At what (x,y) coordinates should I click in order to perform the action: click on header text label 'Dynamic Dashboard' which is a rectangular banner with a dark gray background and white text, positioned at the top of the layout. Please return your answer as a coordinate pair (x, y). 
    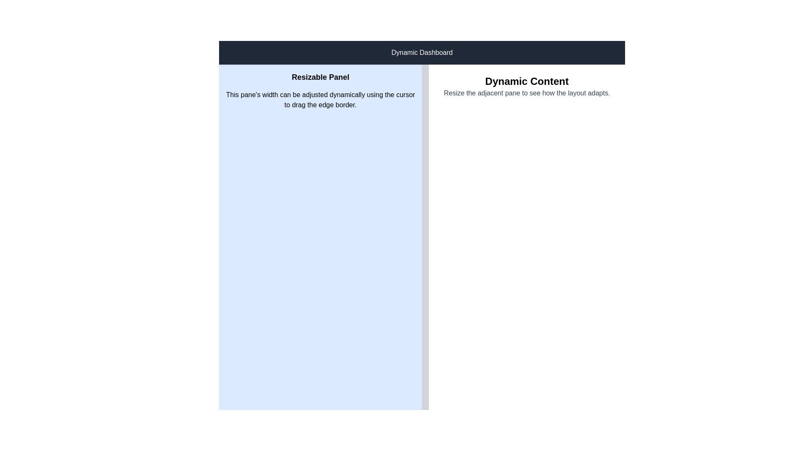
    Looking at the image, I should click on (422, 52).